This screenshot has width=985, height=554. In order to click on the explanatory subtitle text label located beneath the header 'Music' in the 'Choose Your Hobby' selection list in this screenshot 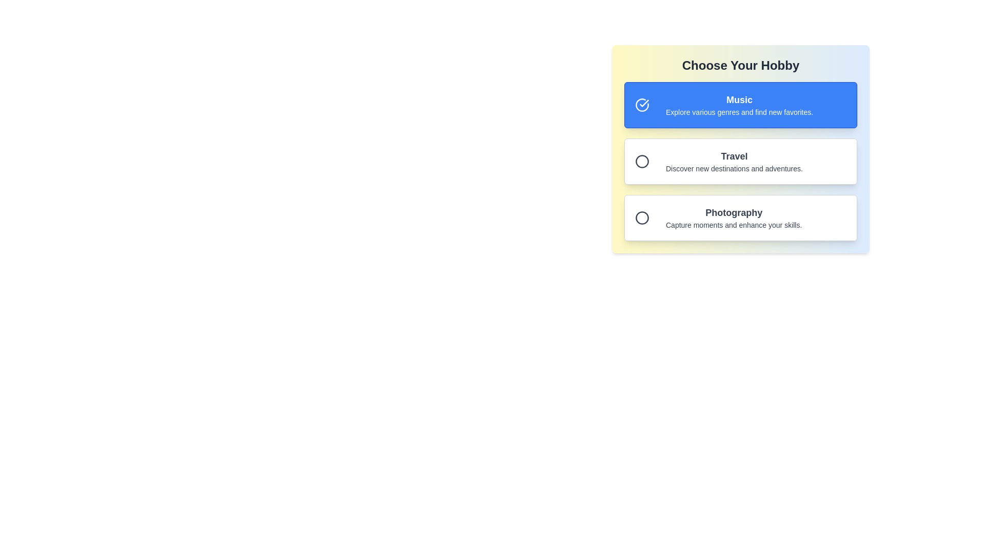, I will do `click(739, 112)`.